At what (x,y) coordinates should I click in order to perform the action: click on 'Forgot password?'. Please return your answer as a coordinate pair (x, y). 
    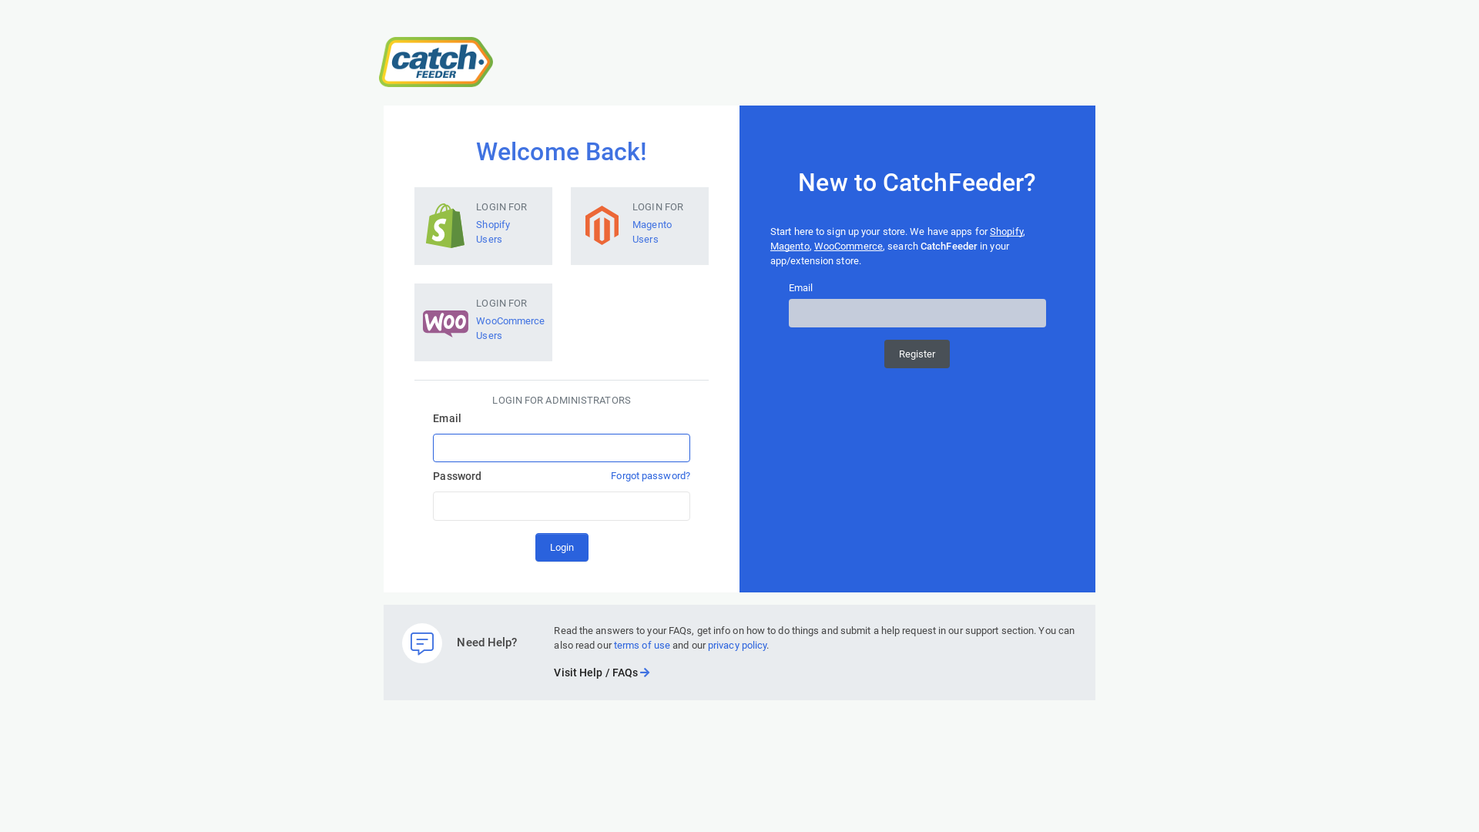
    Looking at the image, I should click on (609, 475).